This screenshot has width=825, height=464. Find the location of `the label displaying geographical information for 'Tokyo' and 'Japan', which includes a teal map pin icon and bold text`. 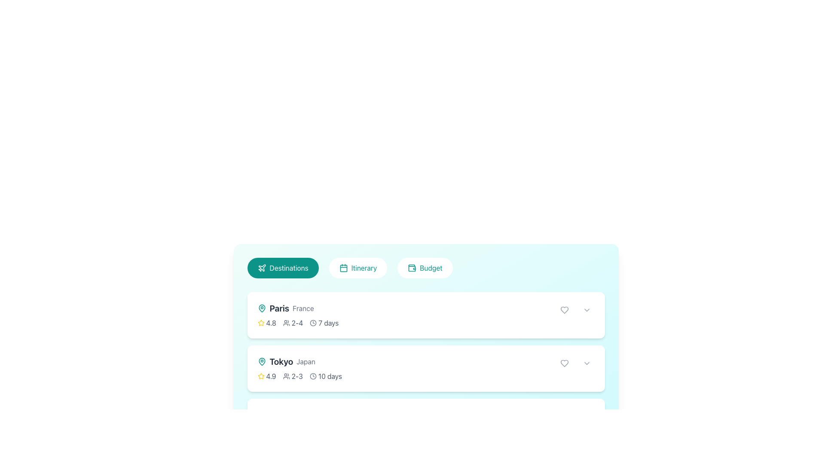

the label displaying geographical information for 'Tokyo' and 'Japan', which includes a teal map pin icon and bold text is located at coordinates (299, 361).